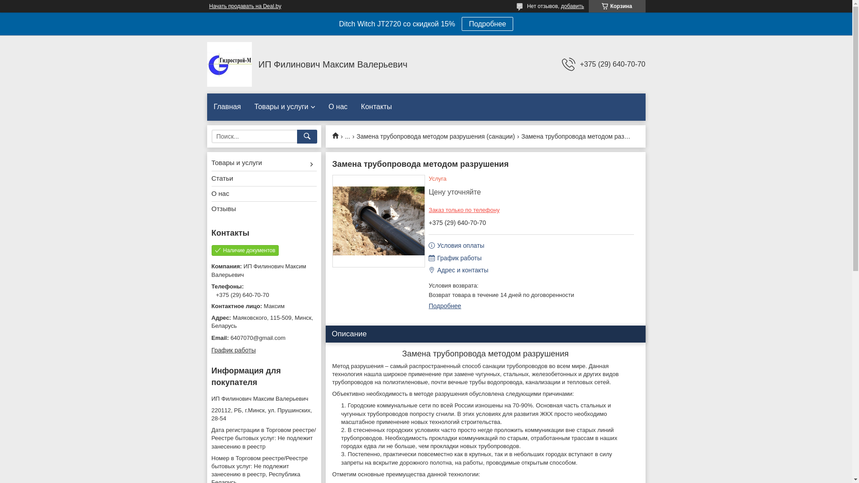 The image size is (859, 483). What do you see at coordinates (263, 338) in the screenshot?
I see `'6407070@gmail.com'` at bounding box center [263, 338].